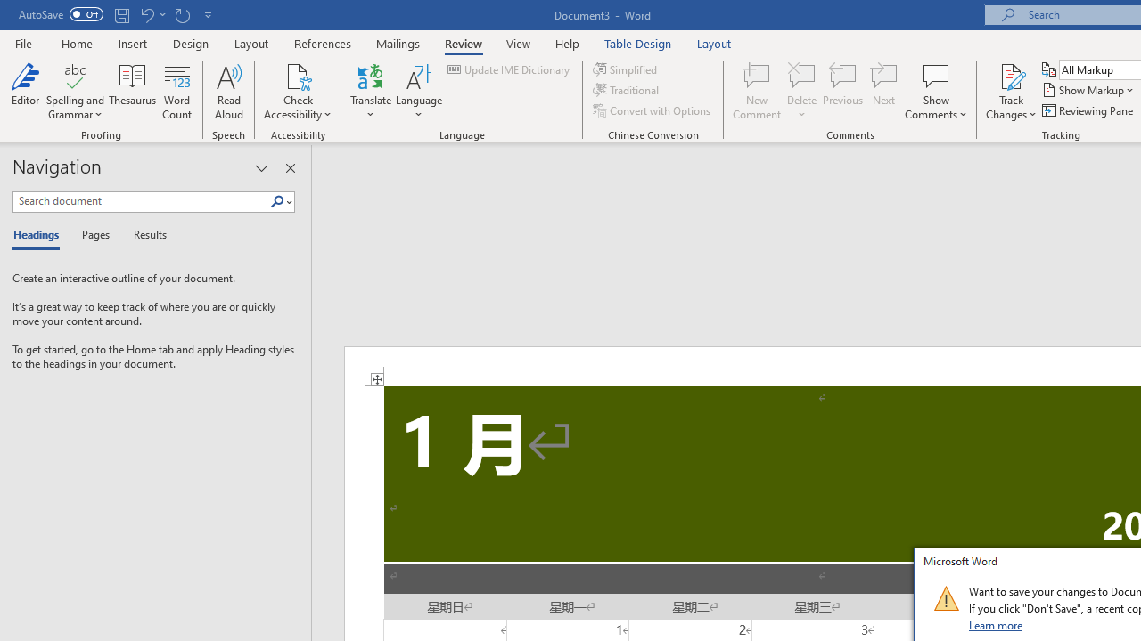  What do you see at coordinates (1088, 110) in the screenshot?
I see `'Reviewing Pane'` at bounding box center [1088, 110].